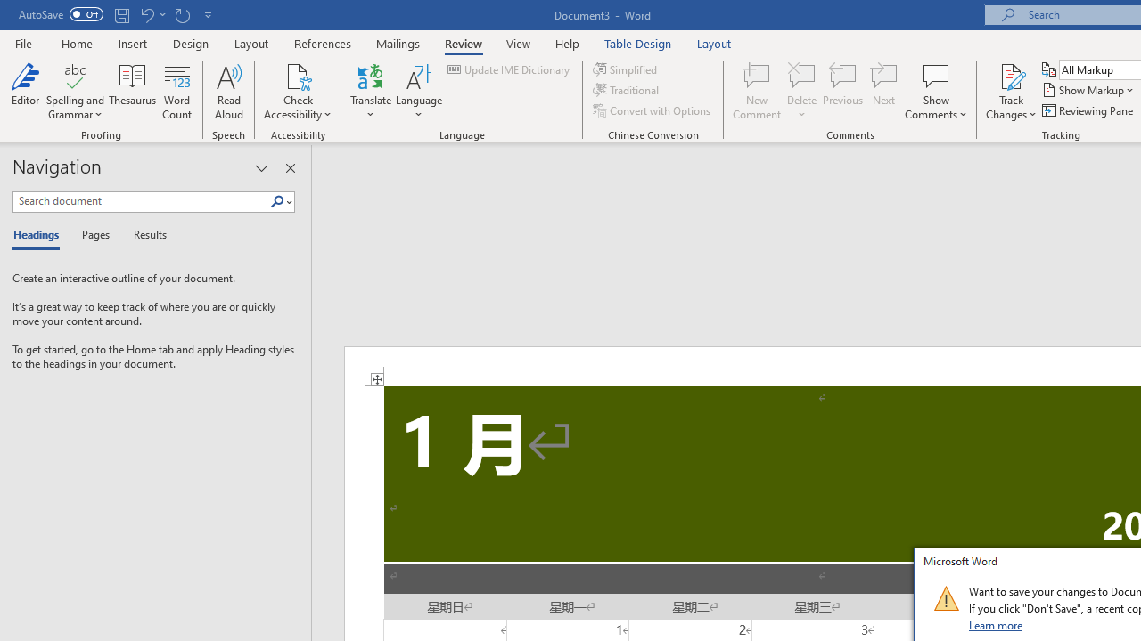  What do you see at coordinates (1088, 110) in the screenshot?
I see `'Reviewing Pane'` at bounding box center [1088, 110].